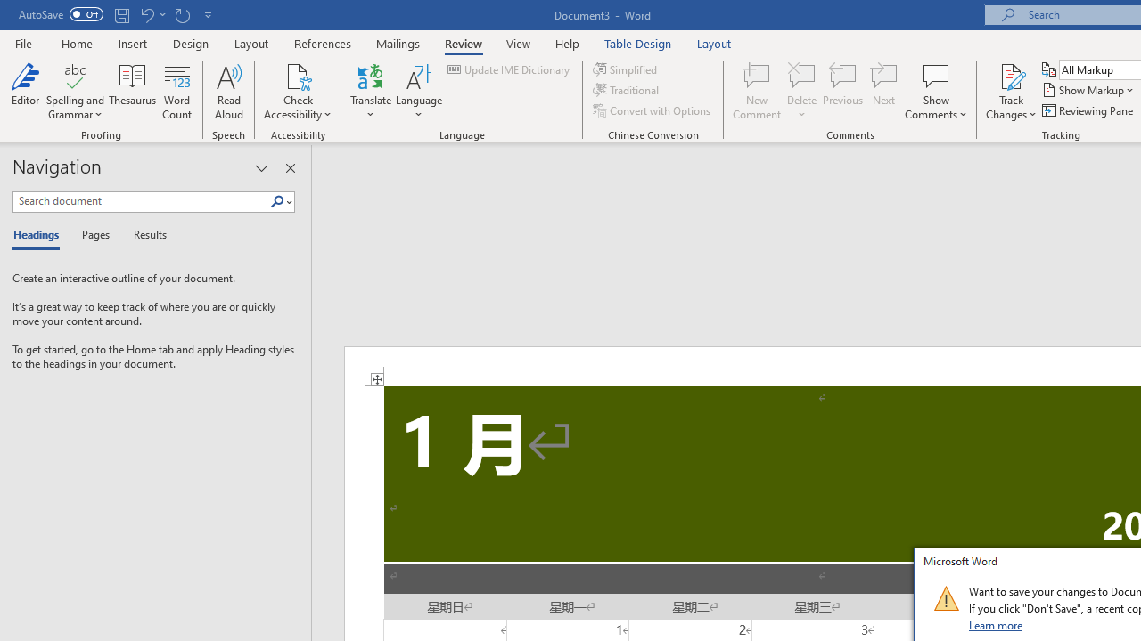  What do you see at coordinates (1088, 110) in the screenshot?
I see `'Reviewing Pane'` at bounding box center [1088, 110].